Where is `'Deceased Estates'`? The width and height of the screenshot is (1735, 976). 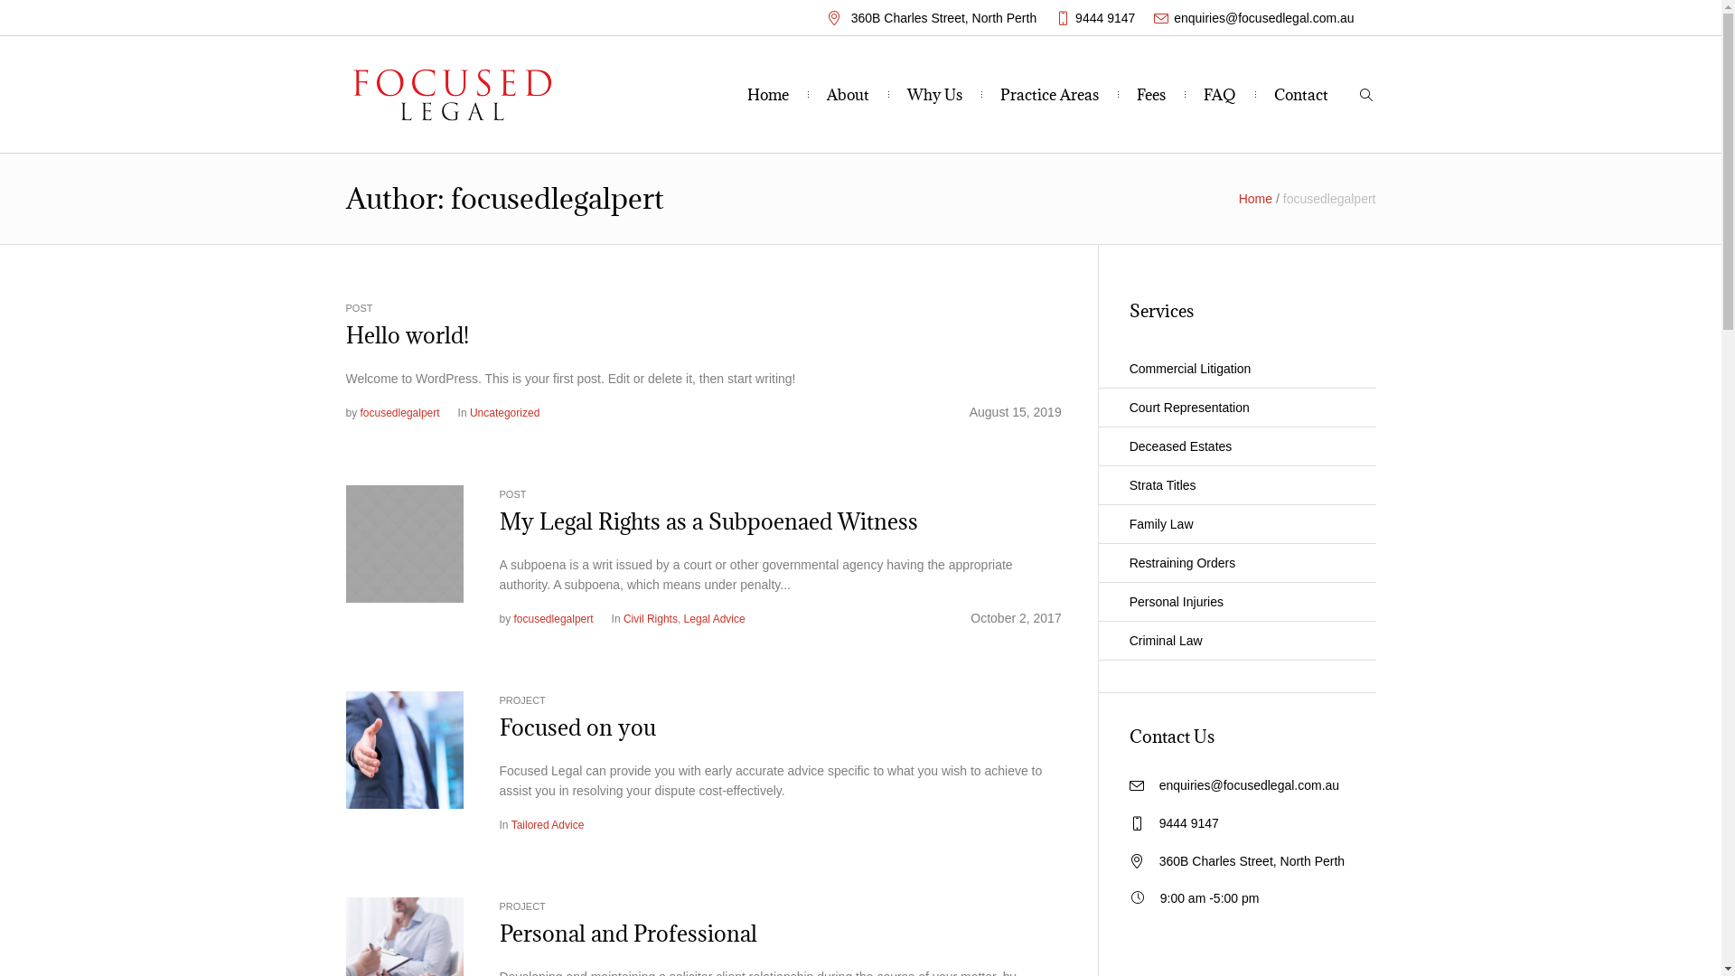
'Deceased Estates' is located at coordinates (1235, 446).